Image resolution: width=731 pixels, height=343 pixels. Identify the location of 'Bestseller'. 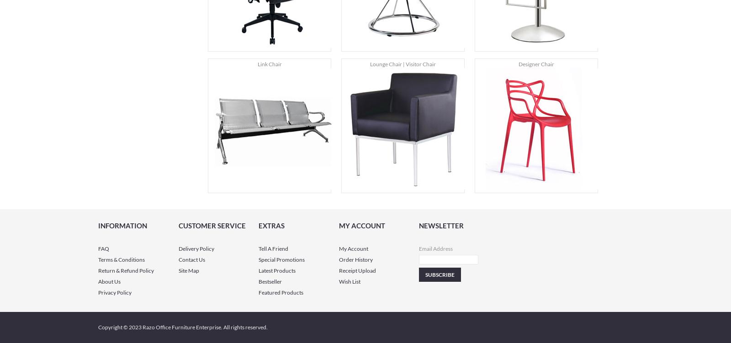
(270, 281).